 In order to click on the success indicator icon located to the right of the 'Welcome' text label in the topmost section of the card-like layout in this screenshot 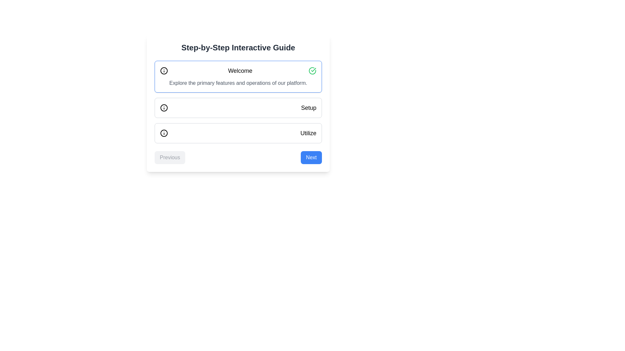, I will do `click(313, 70)`.